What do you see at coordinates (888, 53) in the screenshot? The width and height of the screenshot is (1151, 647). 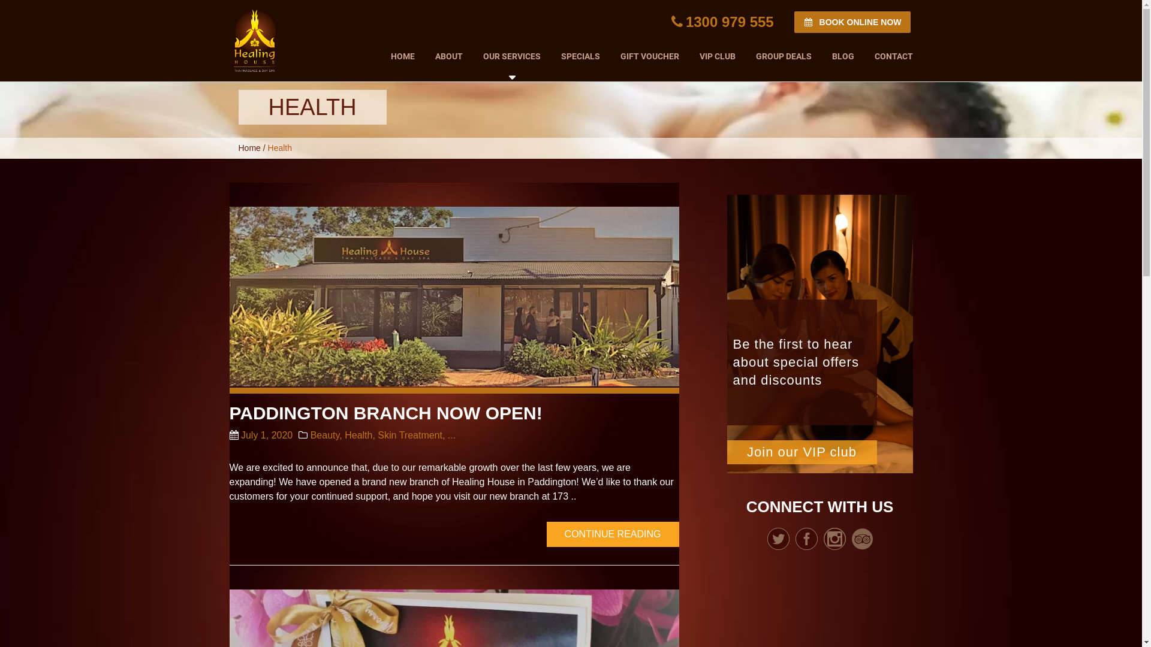 I see `'CONTACT'` at bounding box center [888, 53].